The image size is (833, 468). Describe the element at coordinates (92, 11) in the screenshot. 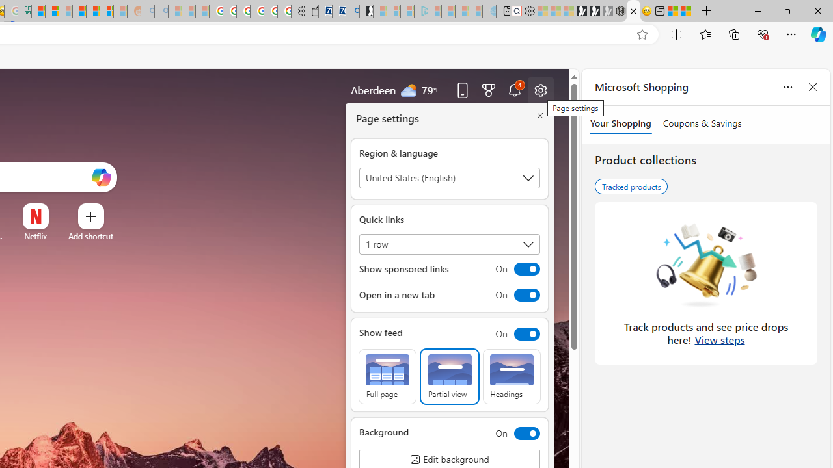

I see `'Kinda Frugal - MSN'` at that location.